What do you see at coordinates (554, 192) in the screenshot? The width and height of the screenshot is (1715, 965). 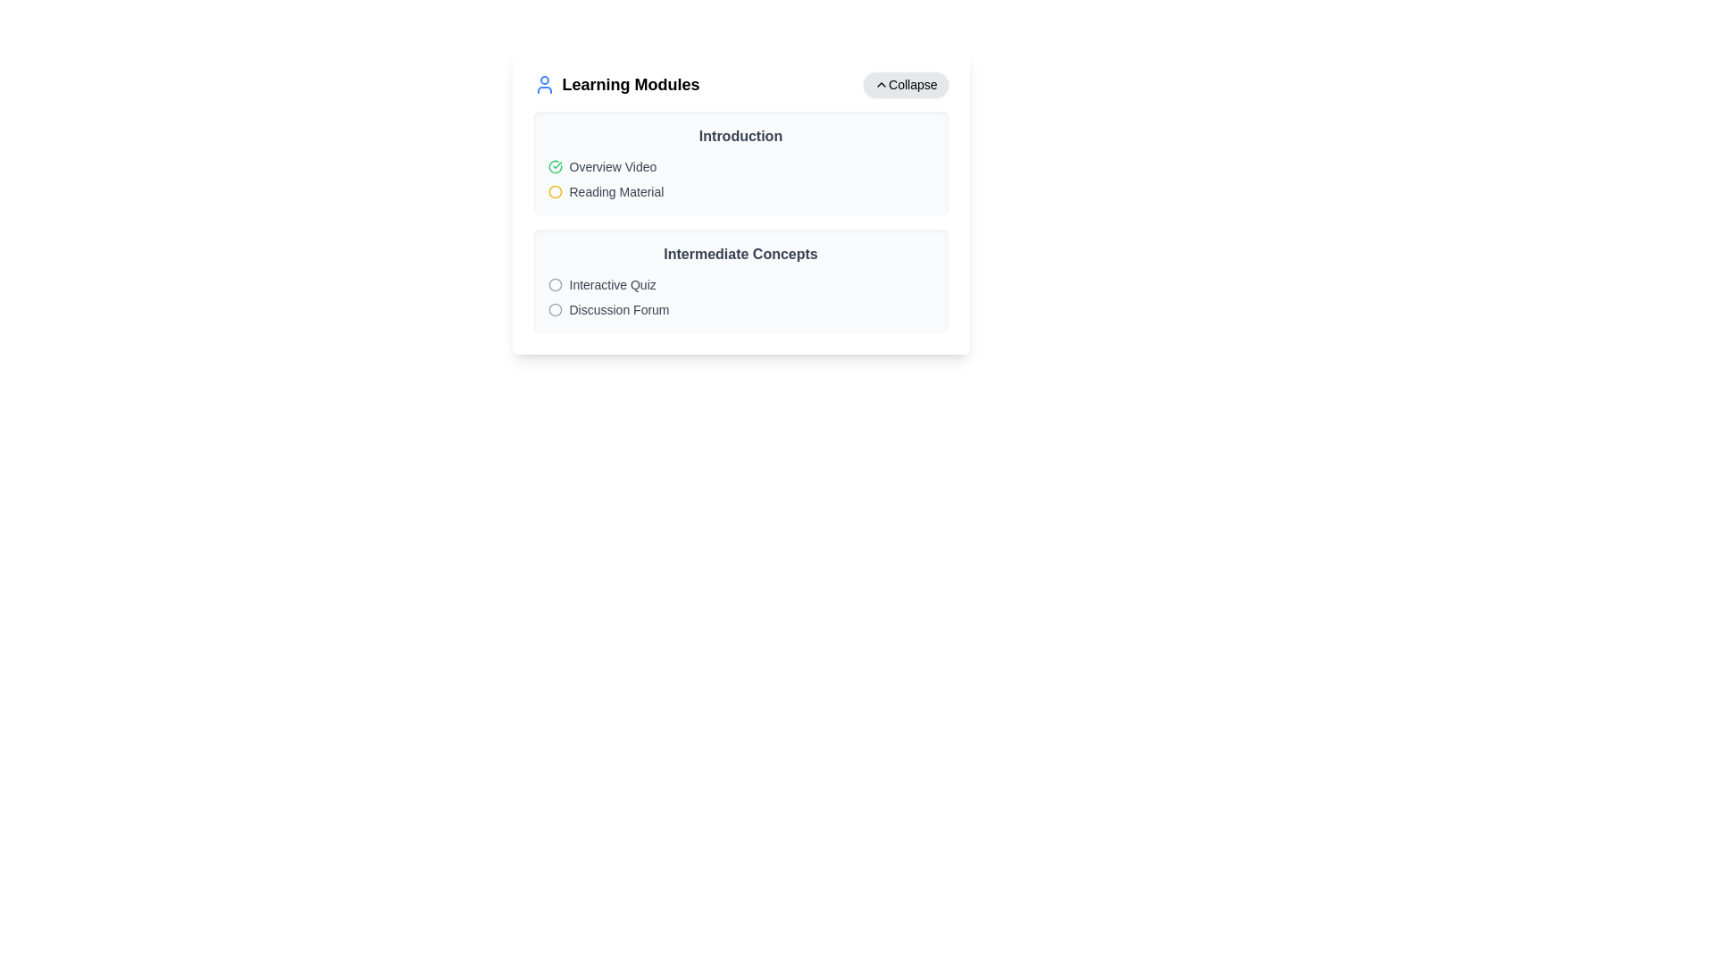 I see `the yellow circular icon located to the left of the text 'Reading Material'` at bounding box center [554, 192].